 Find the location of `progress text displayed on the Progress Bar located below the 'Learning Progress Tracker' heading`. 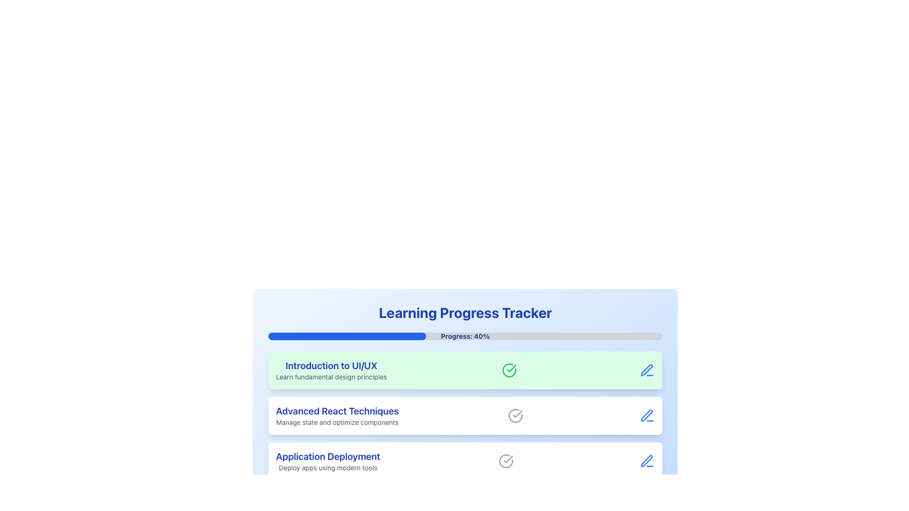

progress text displayed on the Progress Bar located below the 'Learning Progress Tracker' heading is located at coordinates (465, 335).